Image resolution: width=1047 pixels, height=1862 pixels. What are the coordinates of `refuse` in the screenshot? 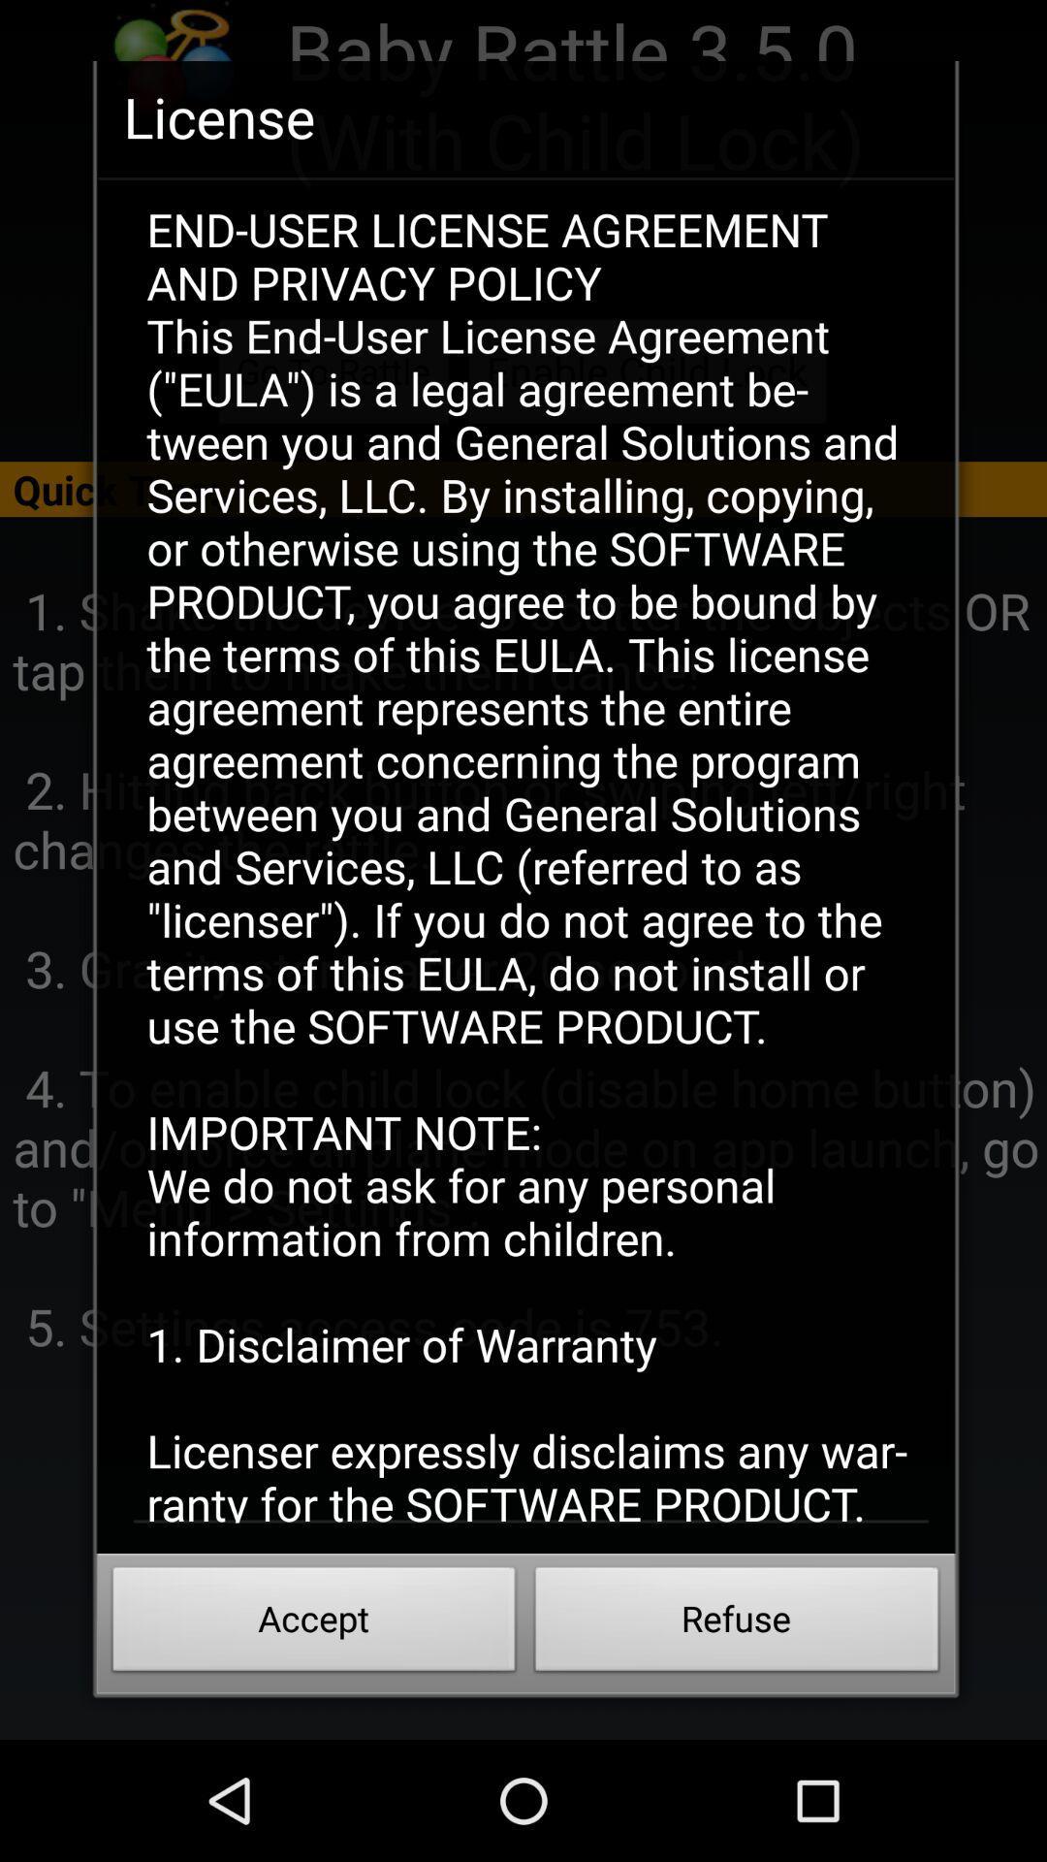 It's located at (737, 1624).